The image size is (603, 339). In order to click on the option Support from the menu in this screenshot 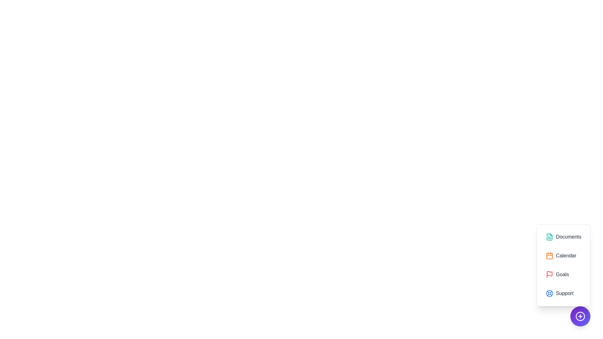, I will do `click(563, 293)`.